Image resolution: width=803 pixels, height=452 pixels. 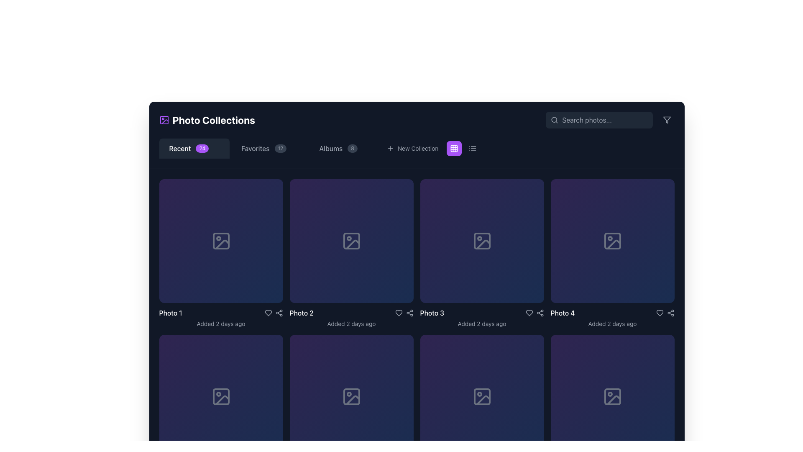 I want to click on the fourth card, so click(x=612, y=253).